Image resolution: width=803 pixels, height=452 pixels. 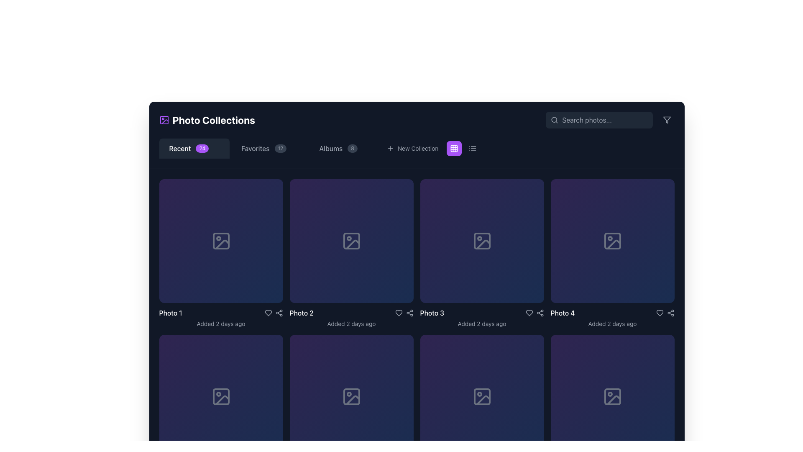 I want to click on the fourth card, so click(x=612, y=253).